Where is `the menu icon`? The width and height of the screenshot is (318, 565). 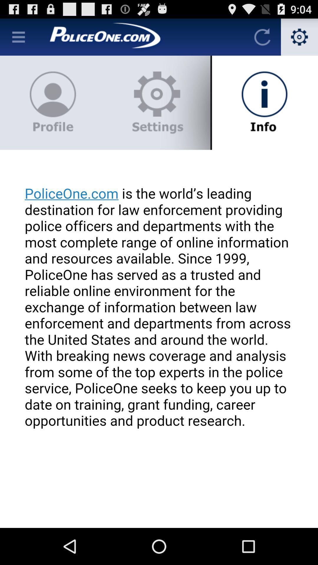
the menu icon is located at coordinates (18, 39).